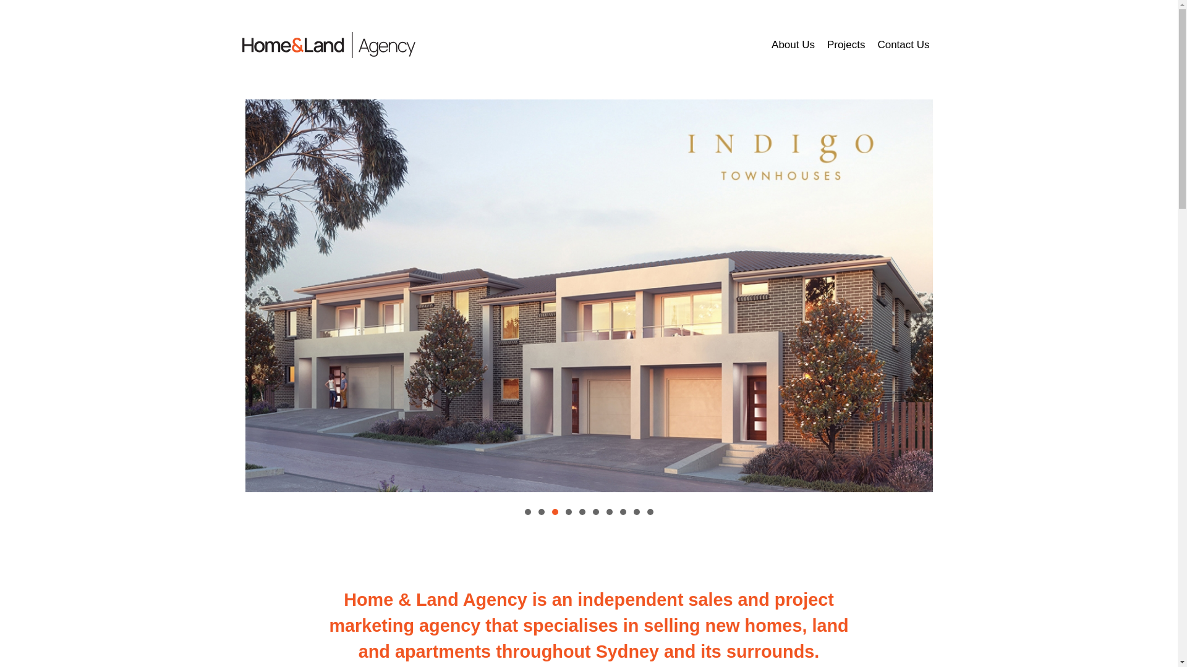 This screenshot has height=667, width=1187. I want to click on 'About Us', so click(765, 44).